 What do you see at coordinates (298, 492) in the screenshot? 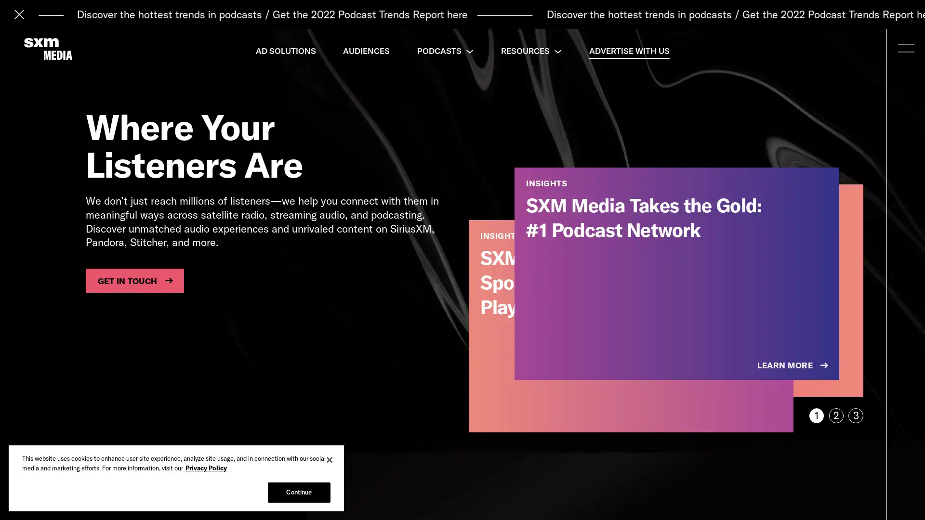
I see `Continue` at bounding box center [298, 492].